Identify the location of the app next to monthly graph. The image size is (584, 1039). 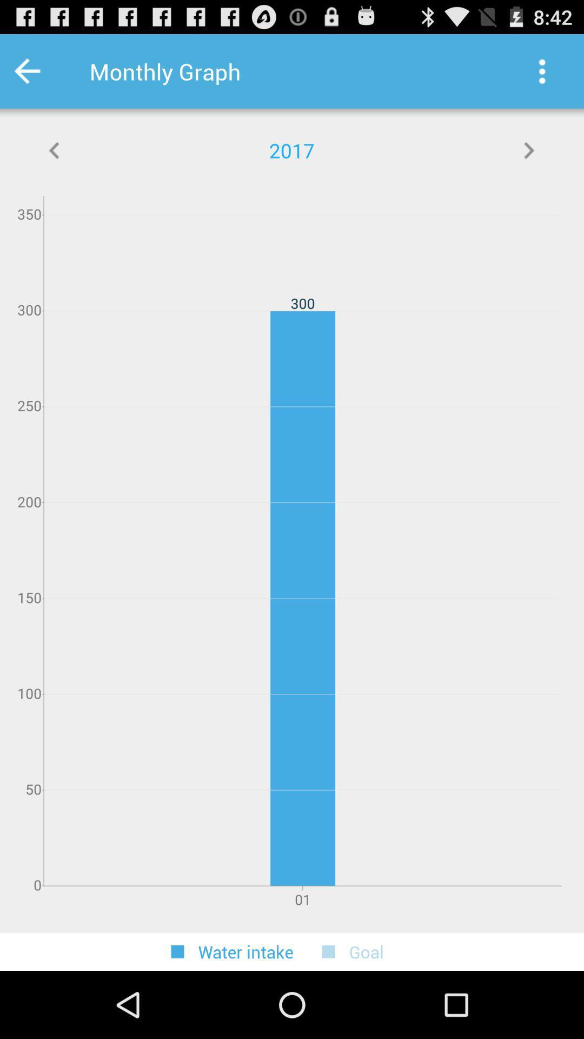
(542, 71).